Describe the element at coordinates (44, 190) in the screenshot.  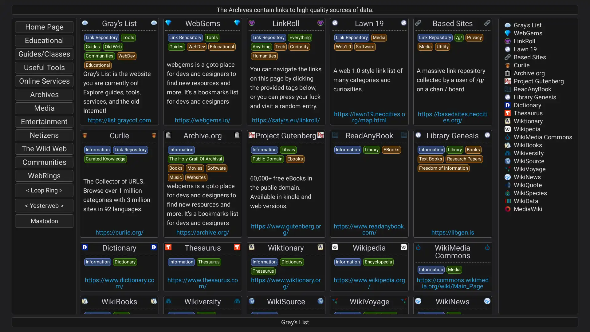
I see `< Loop Ring >` at that location.